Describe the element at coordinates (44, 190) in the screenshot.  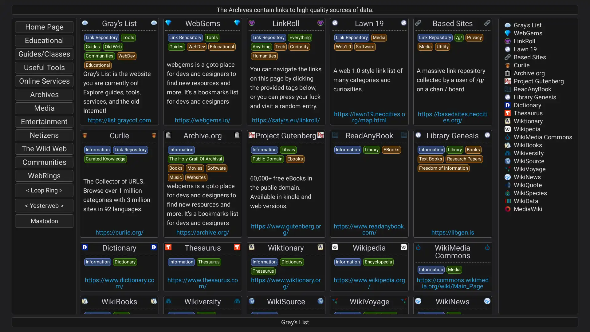
I see `< Loop Ring >` at that location.